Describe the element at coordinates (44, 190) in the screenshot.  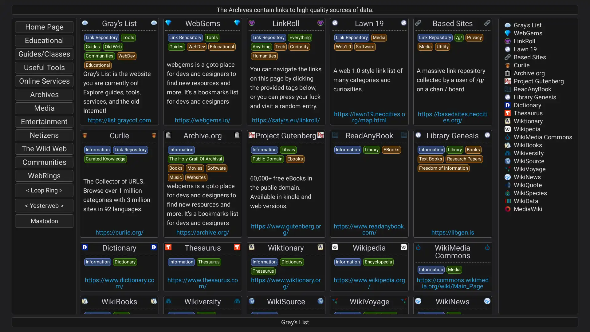
I see `< Loop Ring >` at that location.